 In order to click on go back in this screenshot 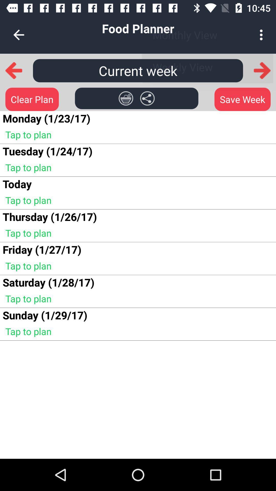, I will do `click(14, 70)`.